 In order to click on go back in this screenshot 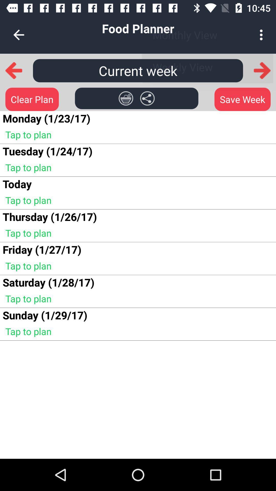, I will do `click(14, 70)`.